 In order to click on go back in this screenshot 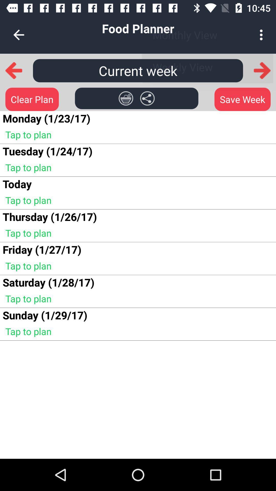, I will do `click(14, 70)`.